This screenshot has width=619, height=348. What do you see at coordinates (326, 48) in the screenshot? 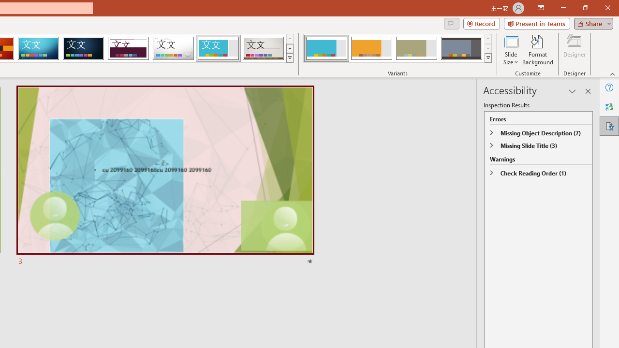
I see `'Frame Variant 1'` at bounding box center [326, 48].